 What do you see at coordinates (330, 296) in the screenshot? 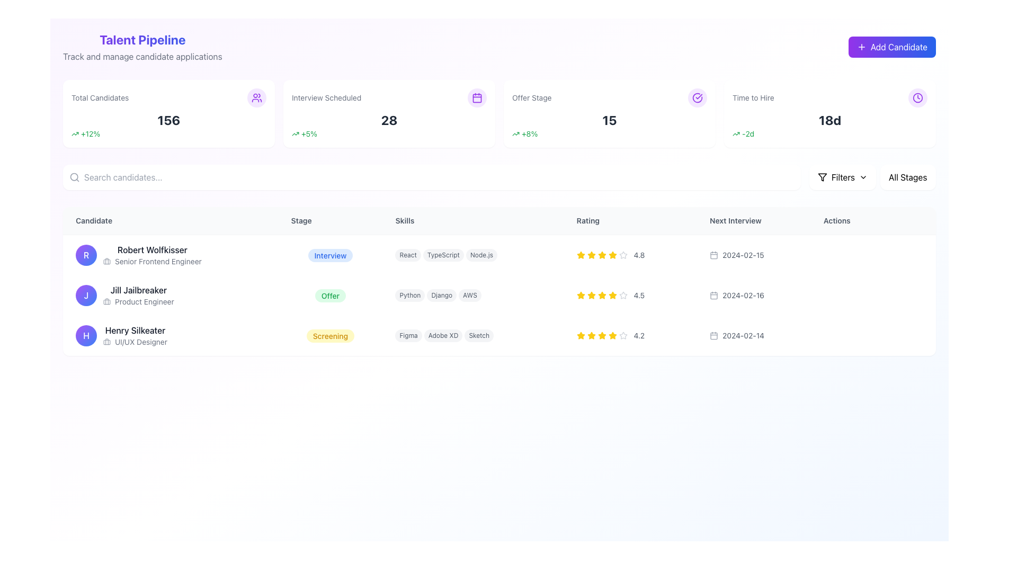
I see `the 'Offer' status tag` at bounding box center [330, 296].